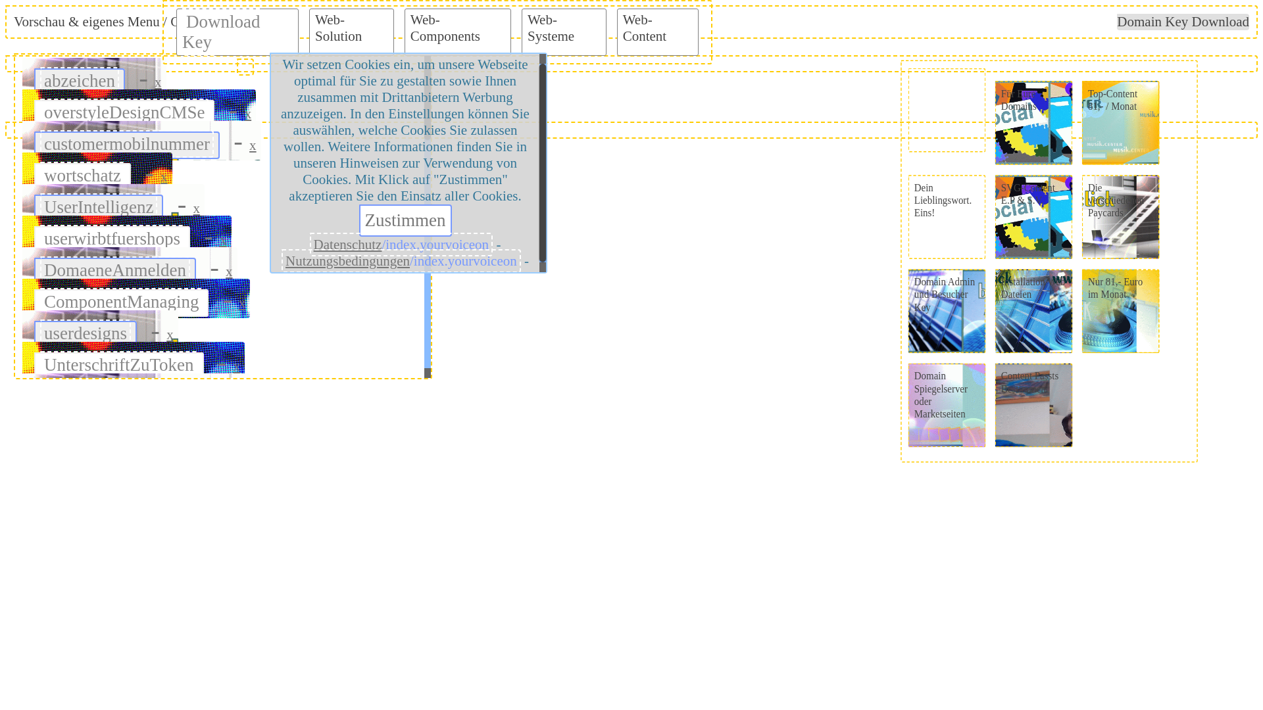 This screenshot has width=1263, height=710. I want to click on 'UnterschriftZuToken', so click(40, 365).